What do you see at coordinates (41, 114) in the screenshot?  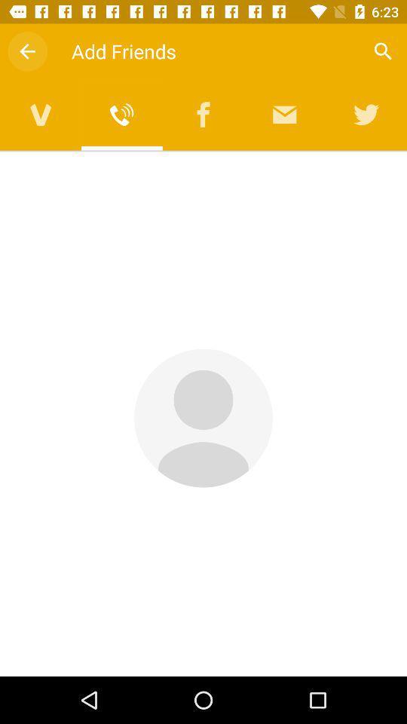 I see `find friends who are on oovoo` at bounding box center [41, 114].